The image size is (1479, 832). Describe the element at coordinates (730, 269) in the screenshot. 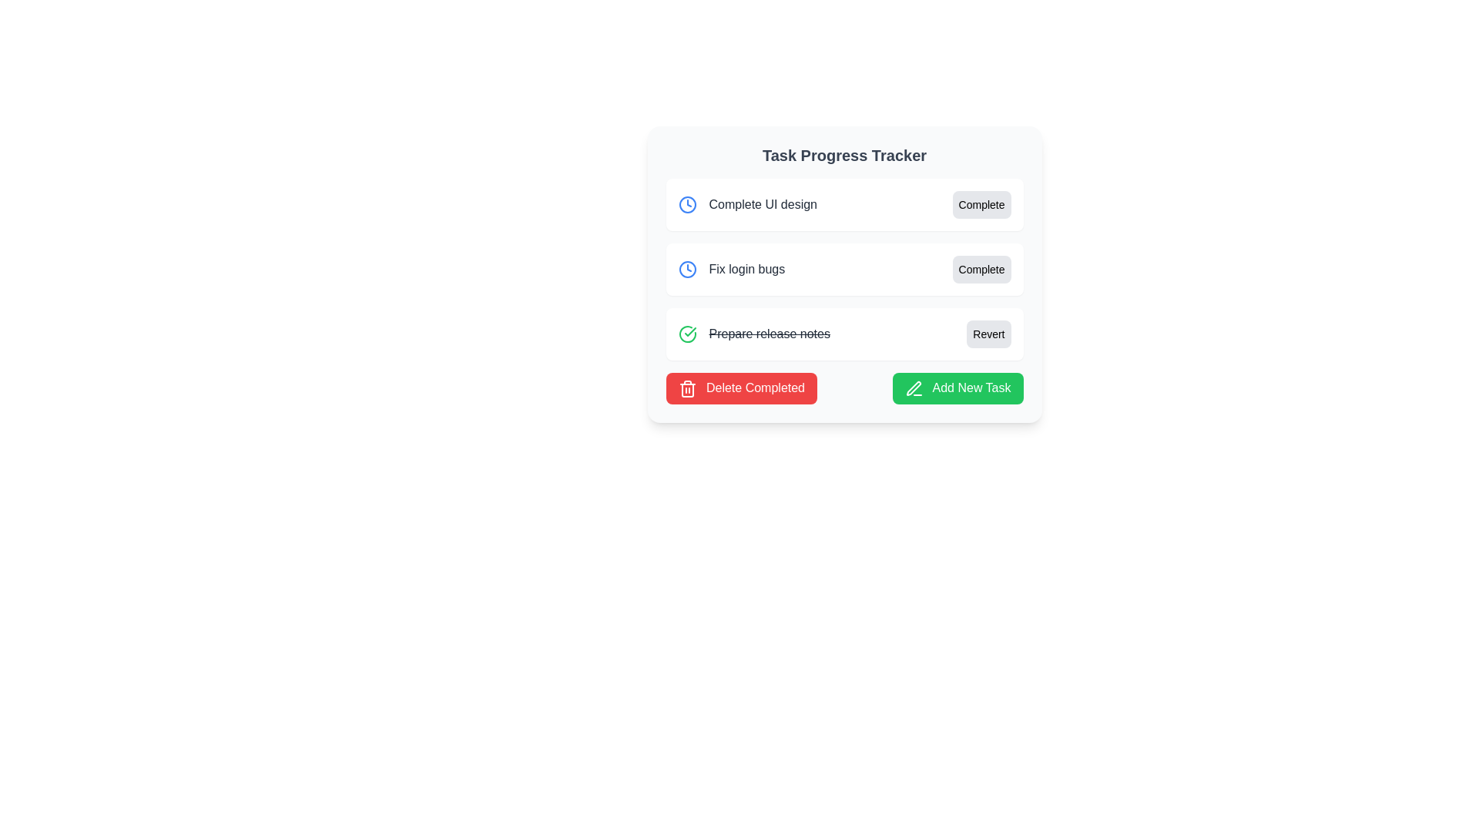

I see `the second task description label in the 'Task Progress Tracker' card, which is positioned between 'Complete UI design' and 'Prepare release notes'` at that location.